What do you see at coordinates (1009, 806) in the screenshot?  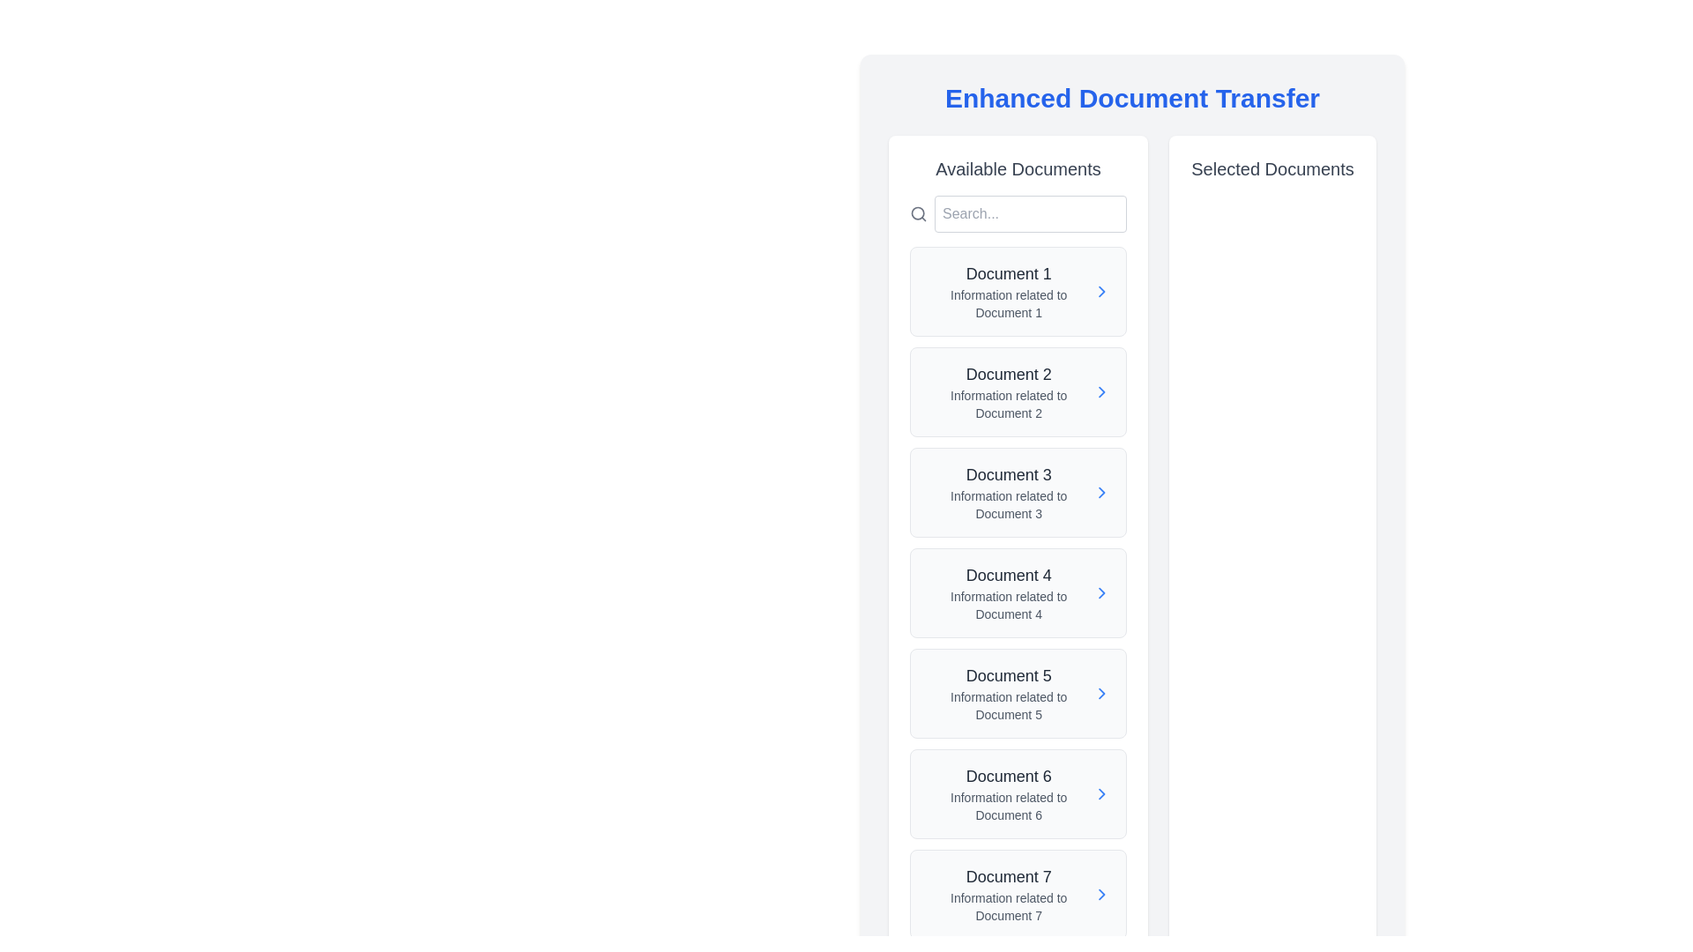 I see `the text element displaying 'Information related to Document 6', which is positioned below the title 'Document 6' in the sixth card of the 'Available Documents' section` at bounding box center [1009, 806].